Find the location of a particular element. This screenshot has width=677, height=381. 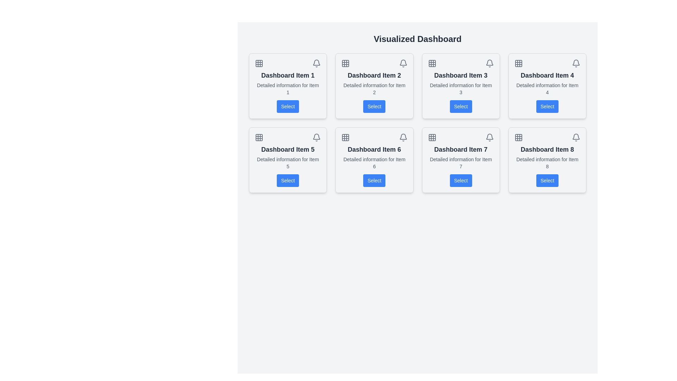

the static text label displaying 'Detailed information for Item 2', located beneath 'Dashboard Item 2' and above the 'Select' button is located at coordinates (374, 88).